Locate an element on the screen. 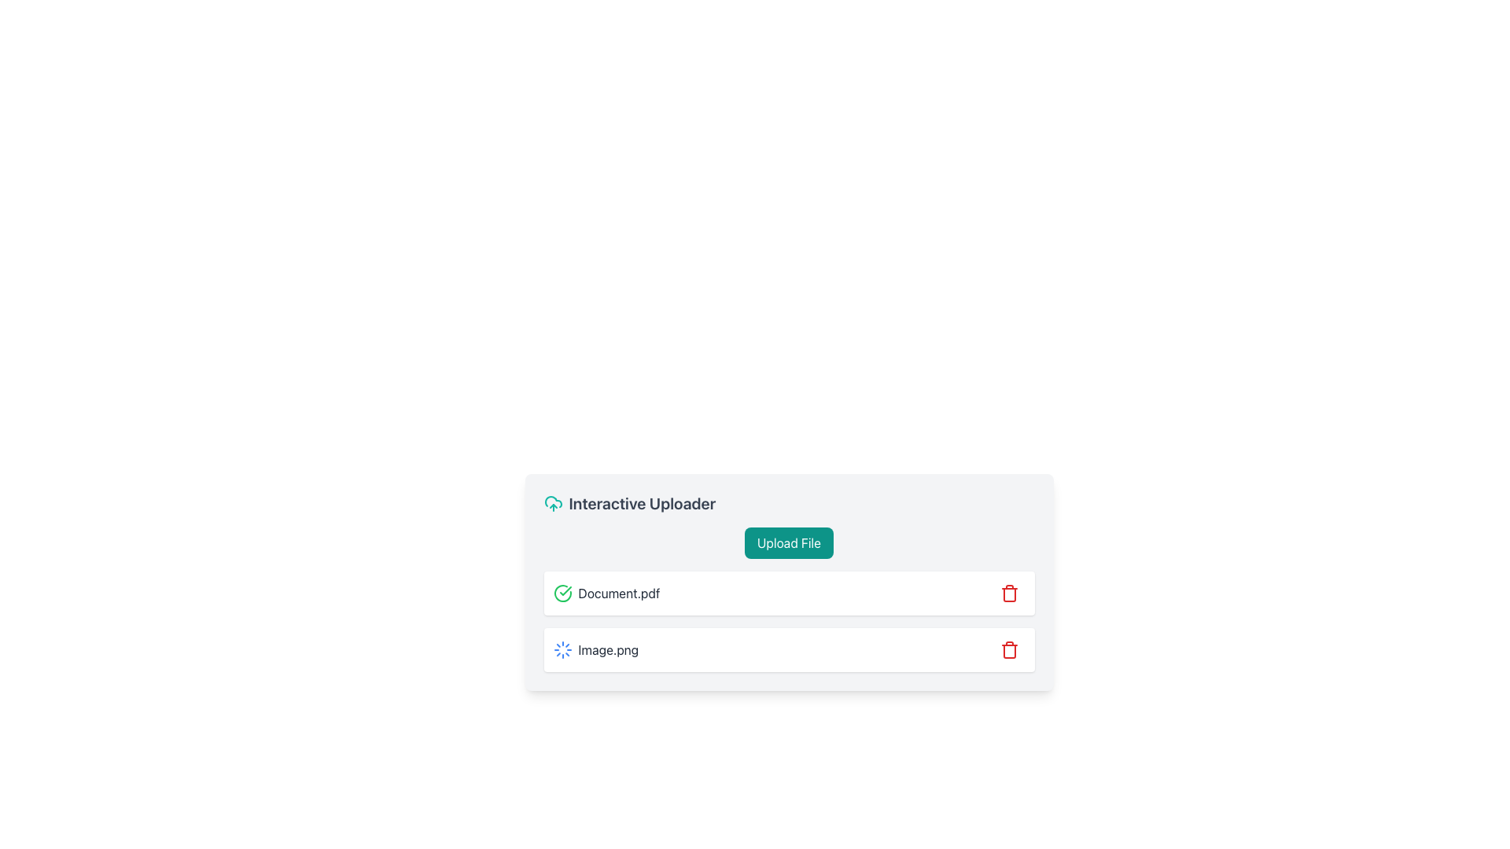  the 'Document.pdf' file label with a green checkmark icon, despite it being marked as non-interactive is located at coordinates (606, 594).